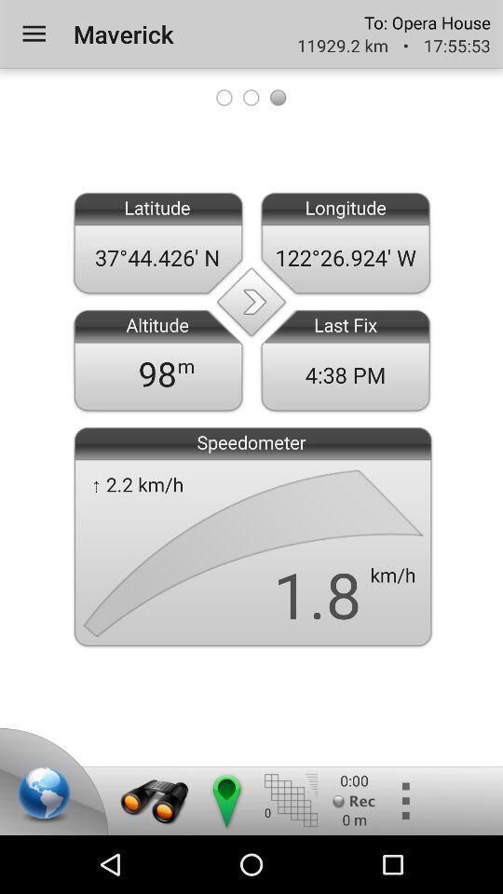 The width and height of the screenshot is (503, 894). What do you see at coordinates (34, 33) in the screenshot?
I see `the app next to maverick icon` at bounding box center [34, 33].